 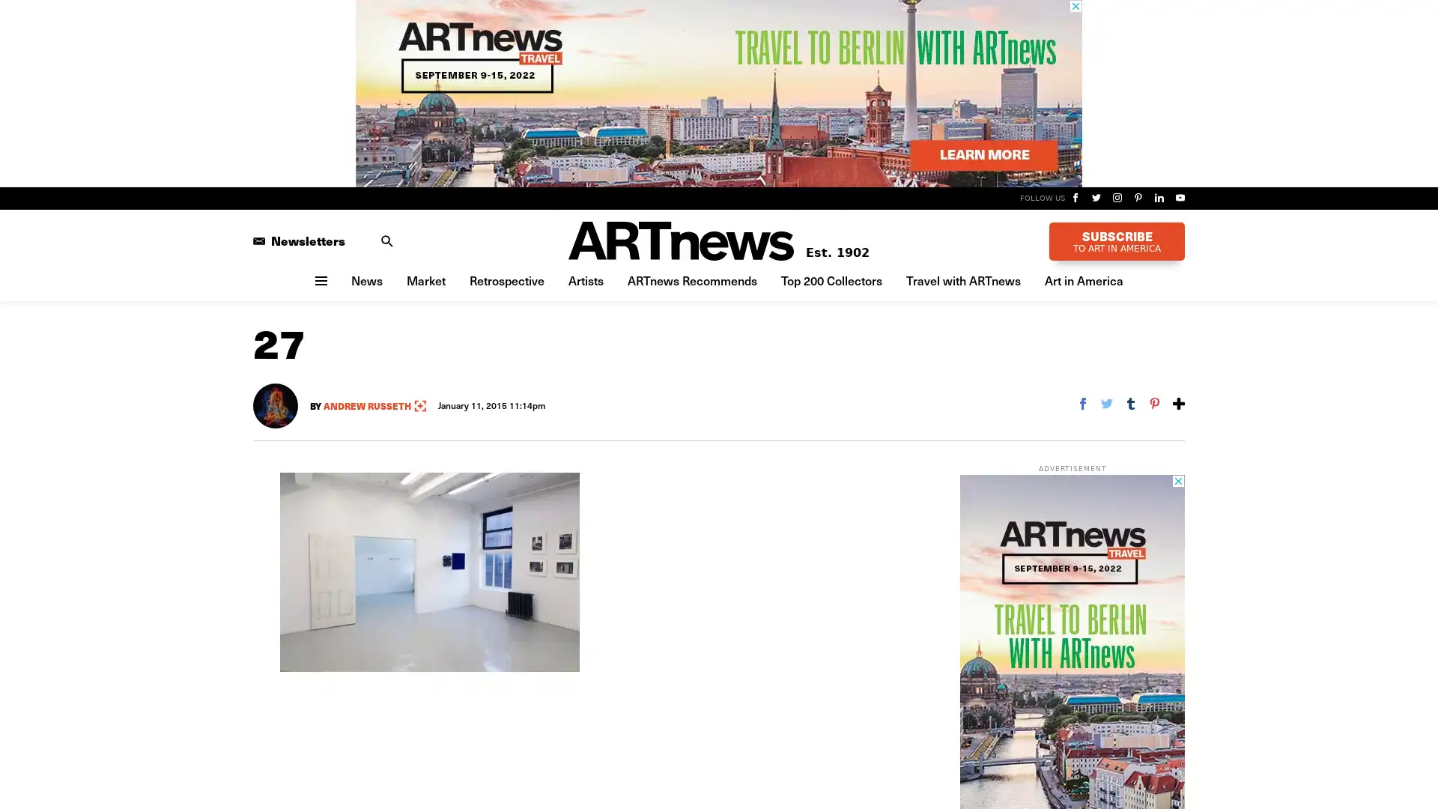 I want to click on Plus Icon Click to expand the Mega Menu, so click(x=319, y=280).